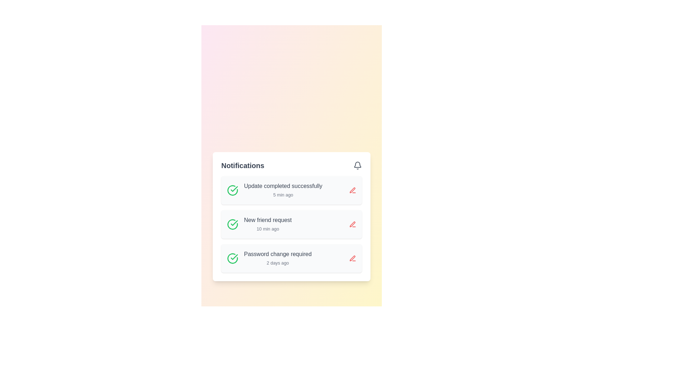 The width and height of the screenshot is (682, 383). I want to click on the third notification item in the Notifications list that informs the user about a recent password change event, so click(269, 259).